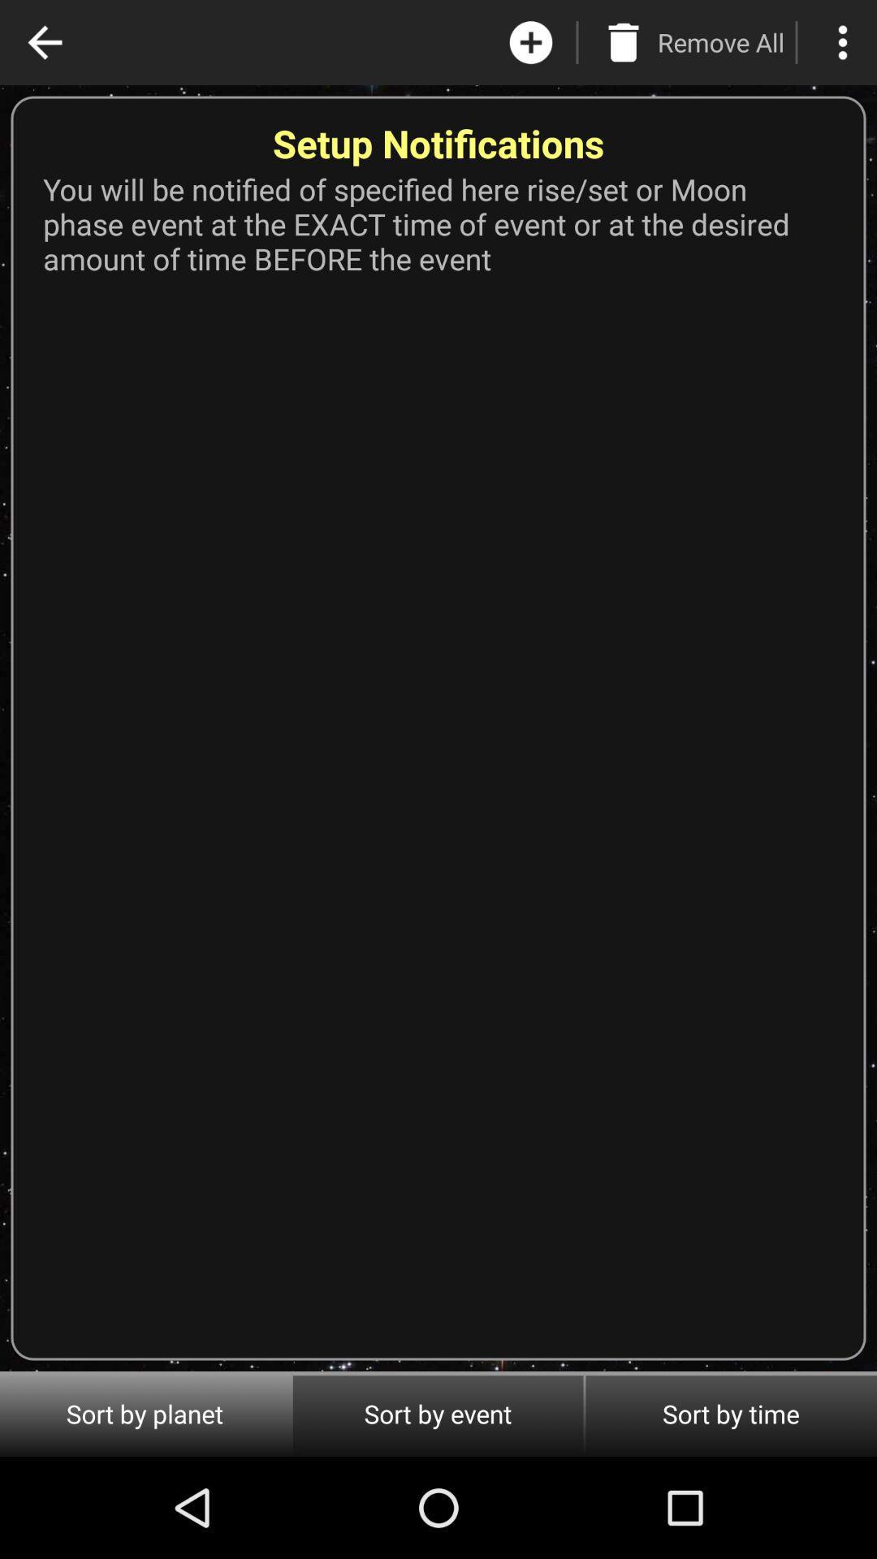  What do you see at coordinates (622, 42) in the screenshot?
I see `remove` at bounding box center [622, 42].